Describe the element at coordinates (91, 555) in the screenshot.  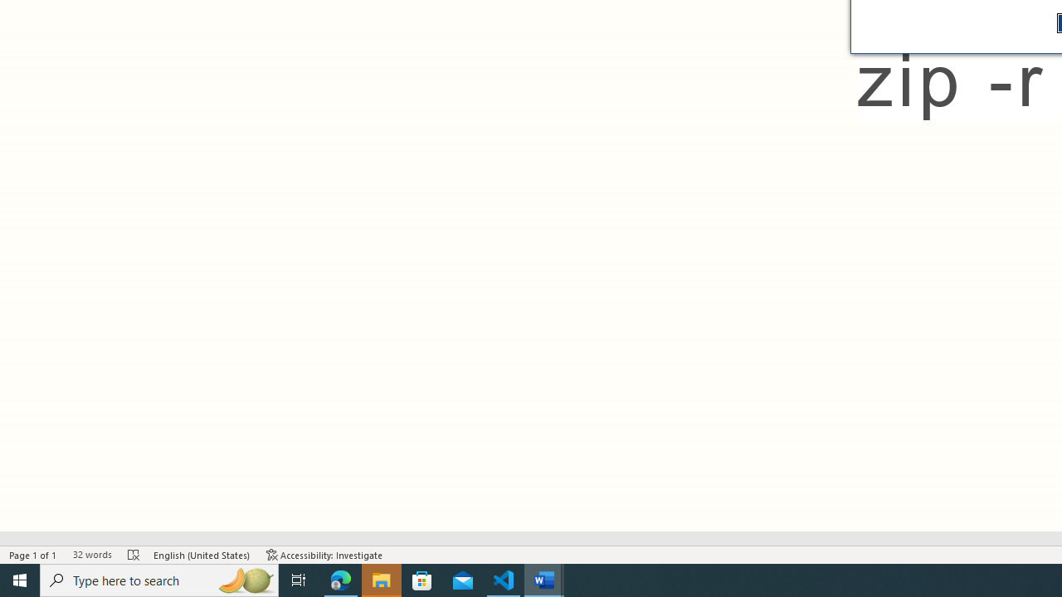
I see `'Word Count 32 words'` at that location.